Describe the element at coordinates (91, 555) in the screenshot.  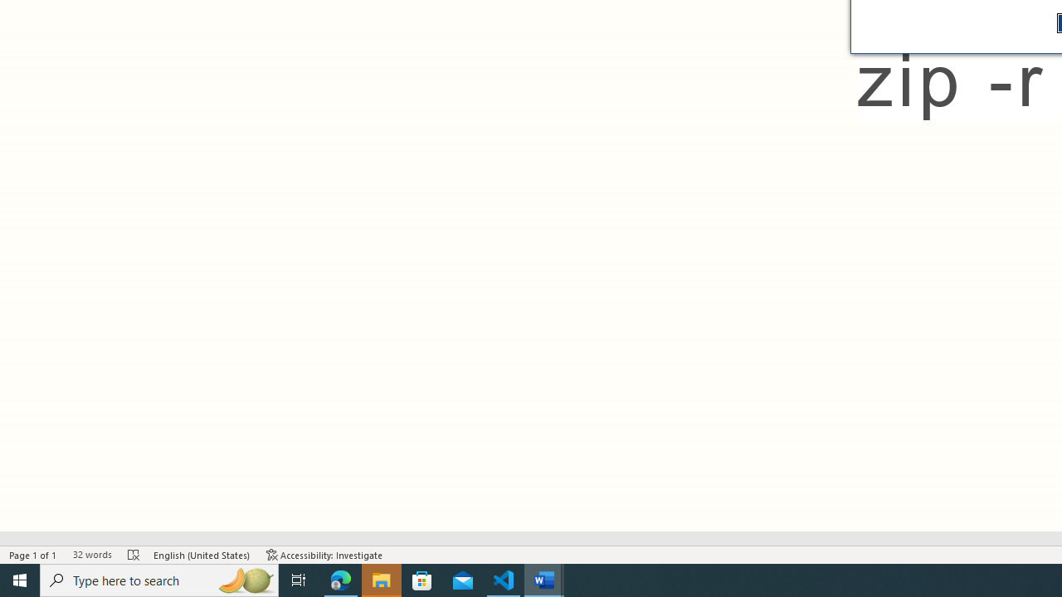
I see `'Word Count 32 words'` at that location.